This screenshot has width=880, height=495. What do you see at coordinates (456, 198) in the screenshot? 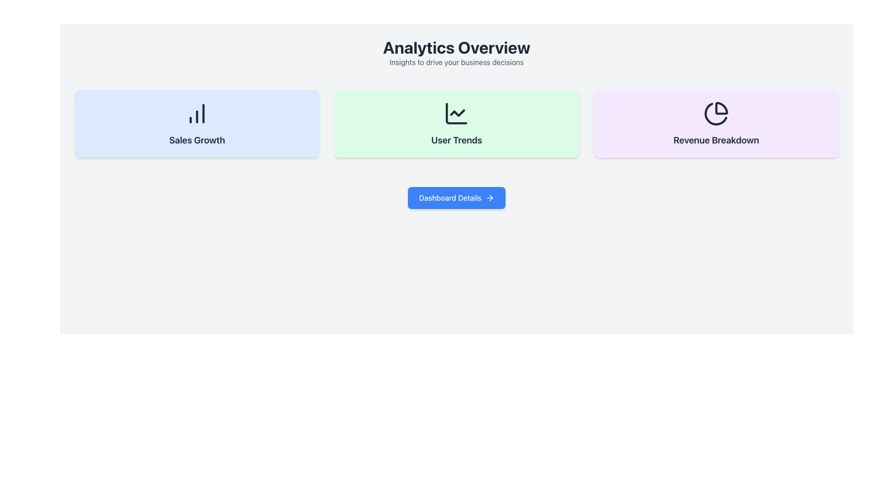
I see `the blue button labeled 'Dashboard Details'` at bounding box center [456, 198].